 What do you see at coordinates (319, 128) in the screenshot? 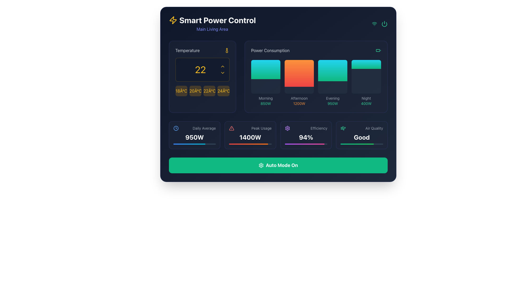
I see `the Label Text displaying 'Efficiency', which is styled in gray and located above the '94%' percentage indicator within a dark-colored panel` at bounding box center [319, 128].